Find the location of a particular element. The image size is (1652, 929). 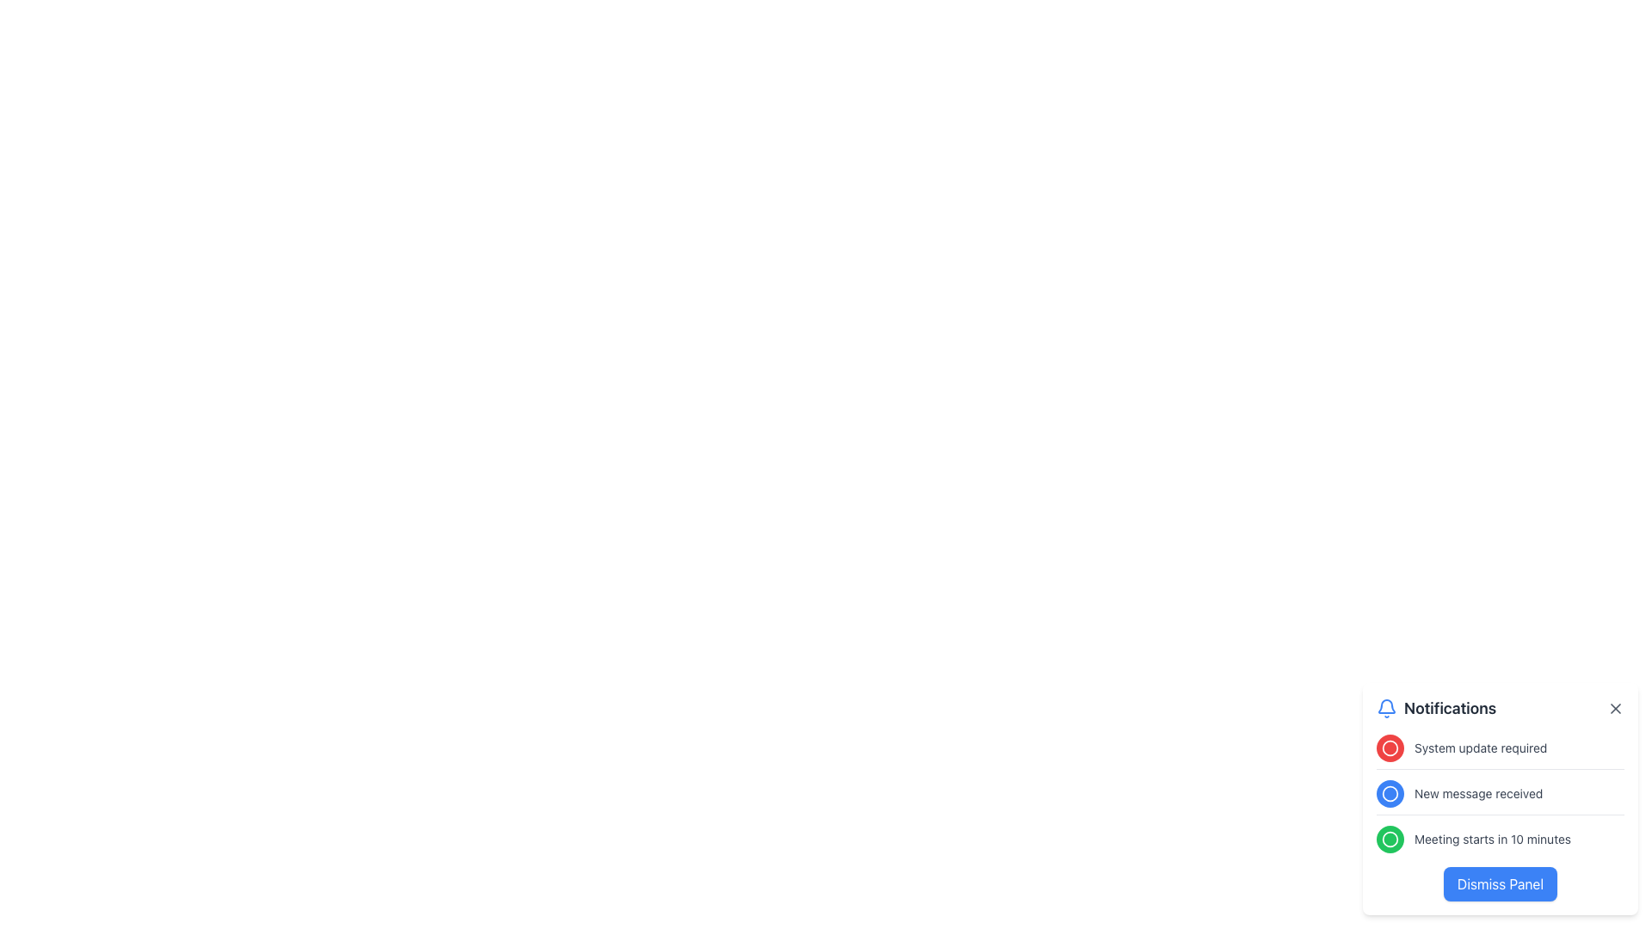

the close icon in the top-right corner of the notification panel is located at coordinates (1614, 709).